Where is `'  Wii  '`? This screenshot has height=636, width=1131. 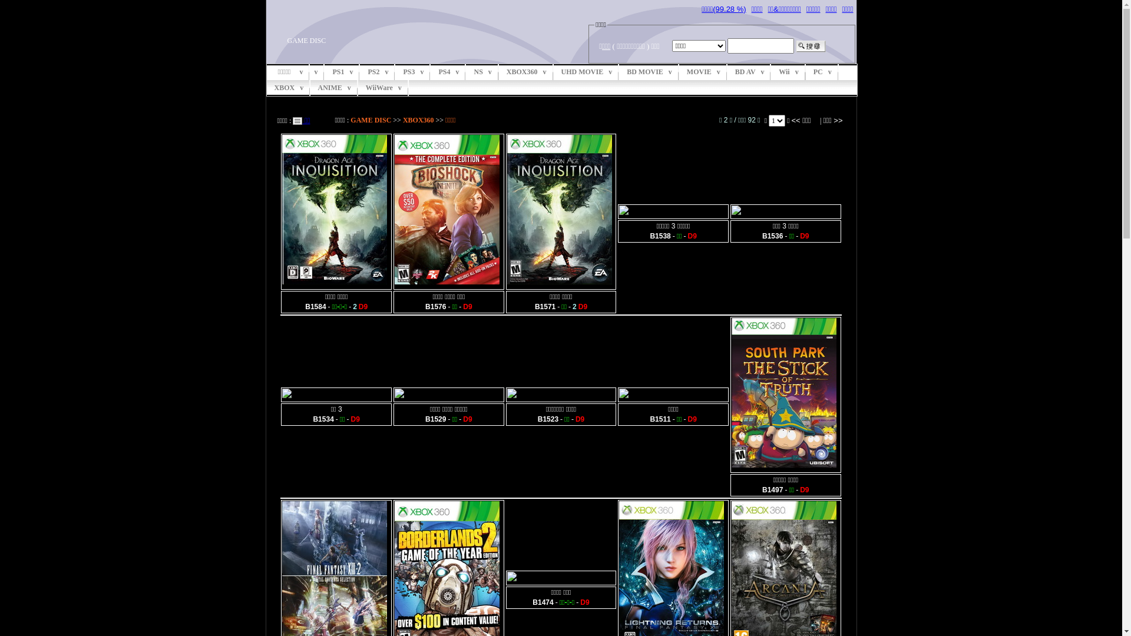
'  Wii  ' is located at coordinates (788, 72).